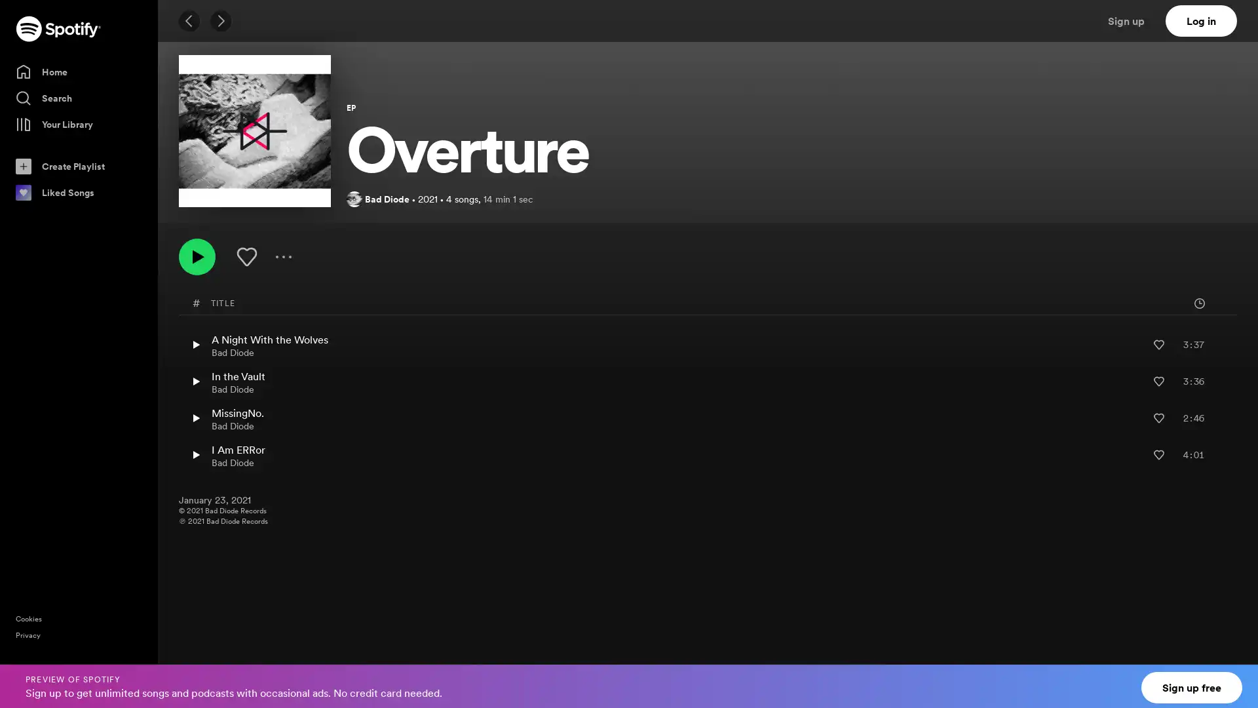  What do you see at coordinates (195, 418) in the screenshot?
I see `Play MissingNo. by Bad Diode` at bounding box center [195, 418].